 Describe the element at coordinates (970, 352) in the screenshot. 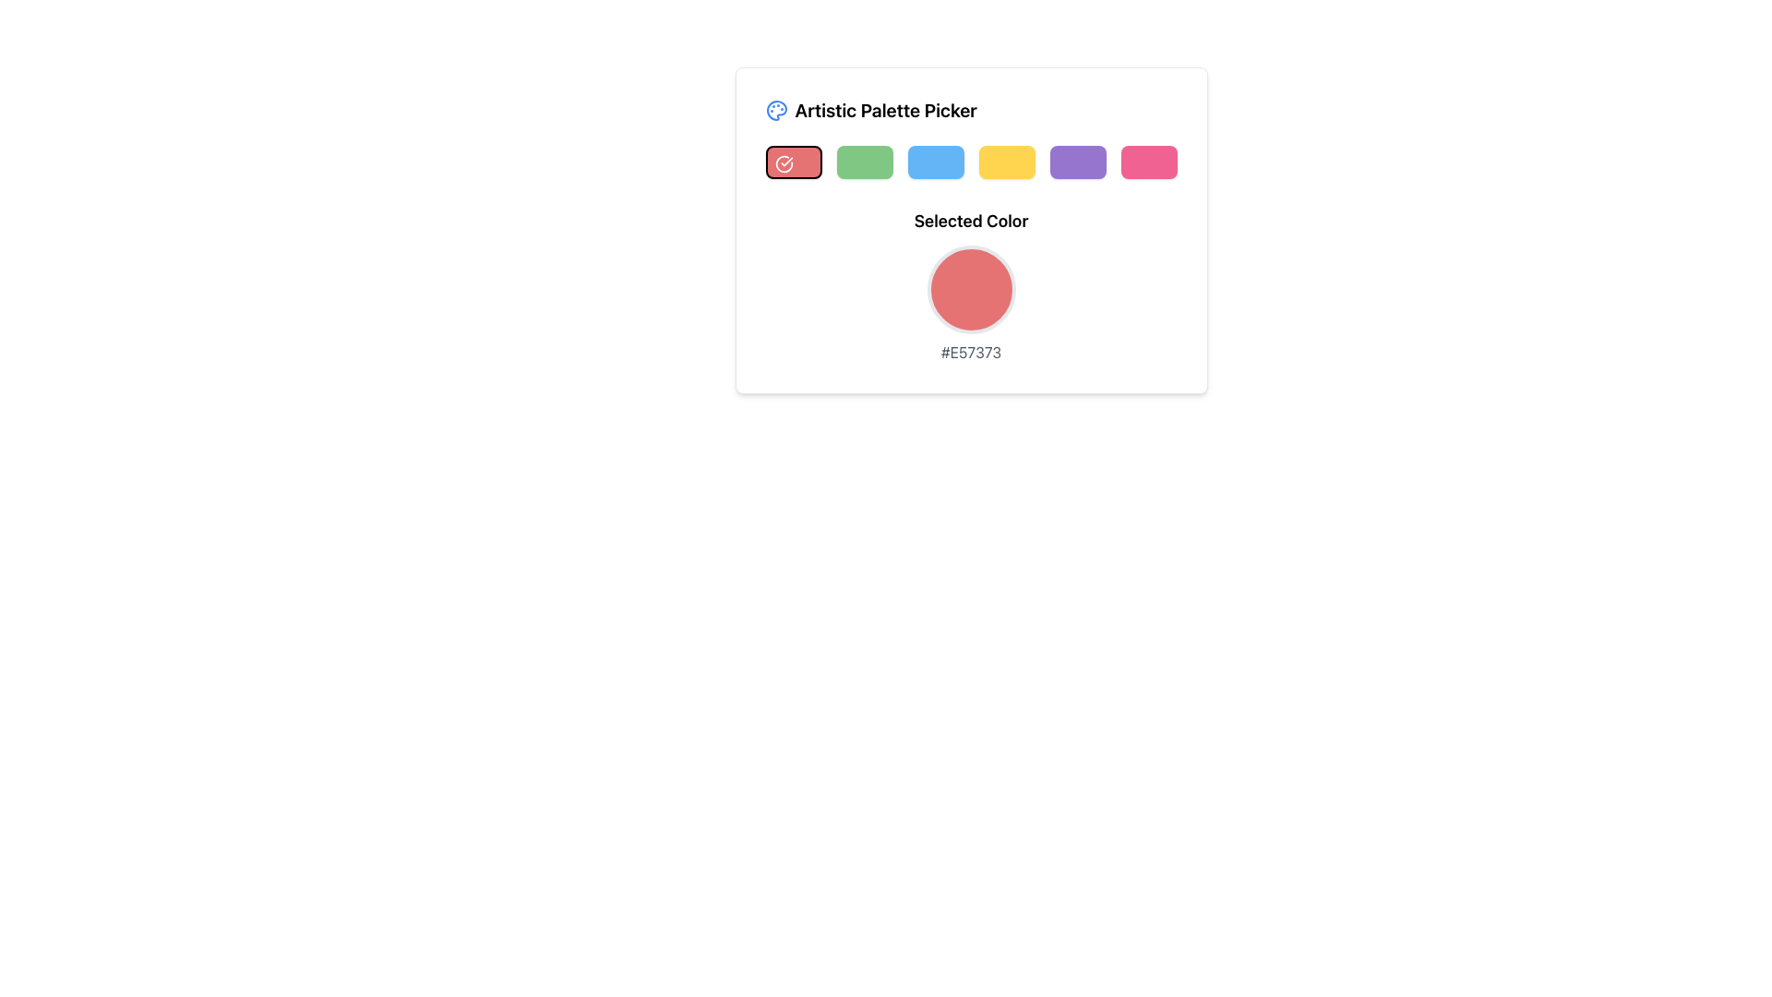

I see `hex color code displayed in the Text Display located directly below the circular color preview and beneath the text 'Selected Color'` at that location.